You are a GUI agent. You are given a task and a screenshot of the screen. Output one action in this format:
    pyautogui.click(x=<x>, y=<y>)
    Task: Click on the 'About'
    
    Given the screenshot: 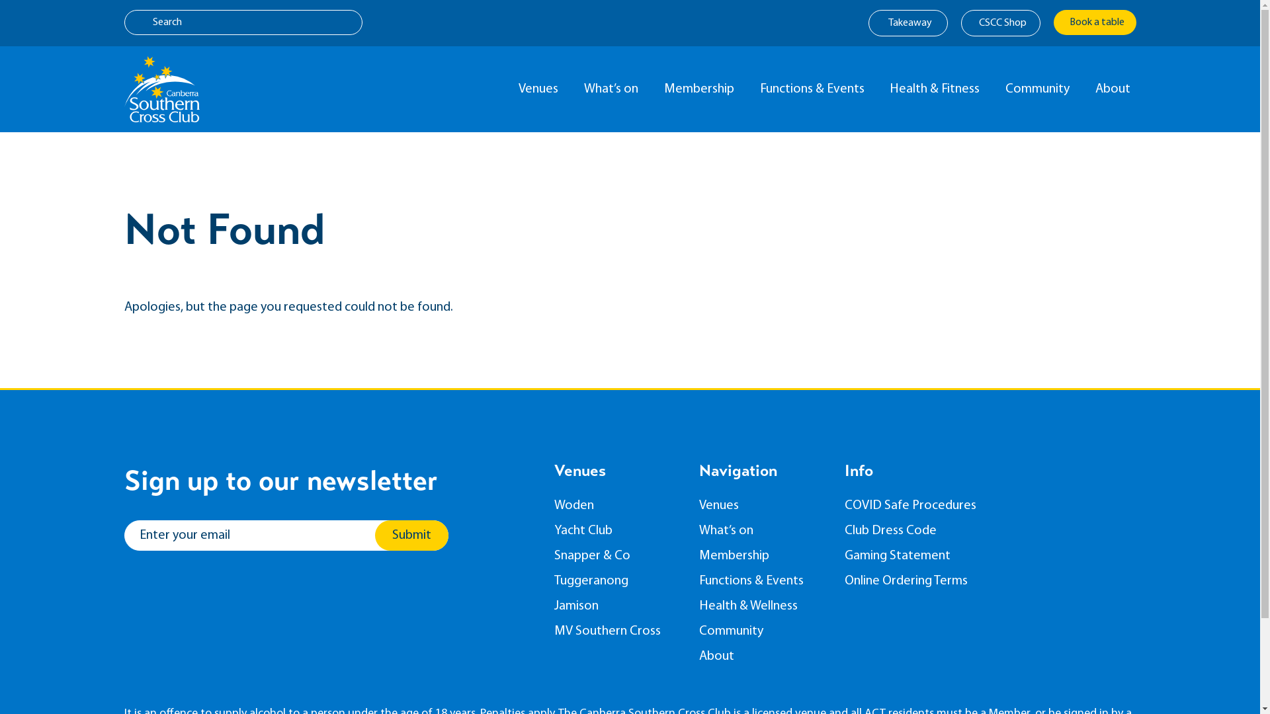 What is the action you would take?
    pyautogui.click(x=1115, y=89)
    